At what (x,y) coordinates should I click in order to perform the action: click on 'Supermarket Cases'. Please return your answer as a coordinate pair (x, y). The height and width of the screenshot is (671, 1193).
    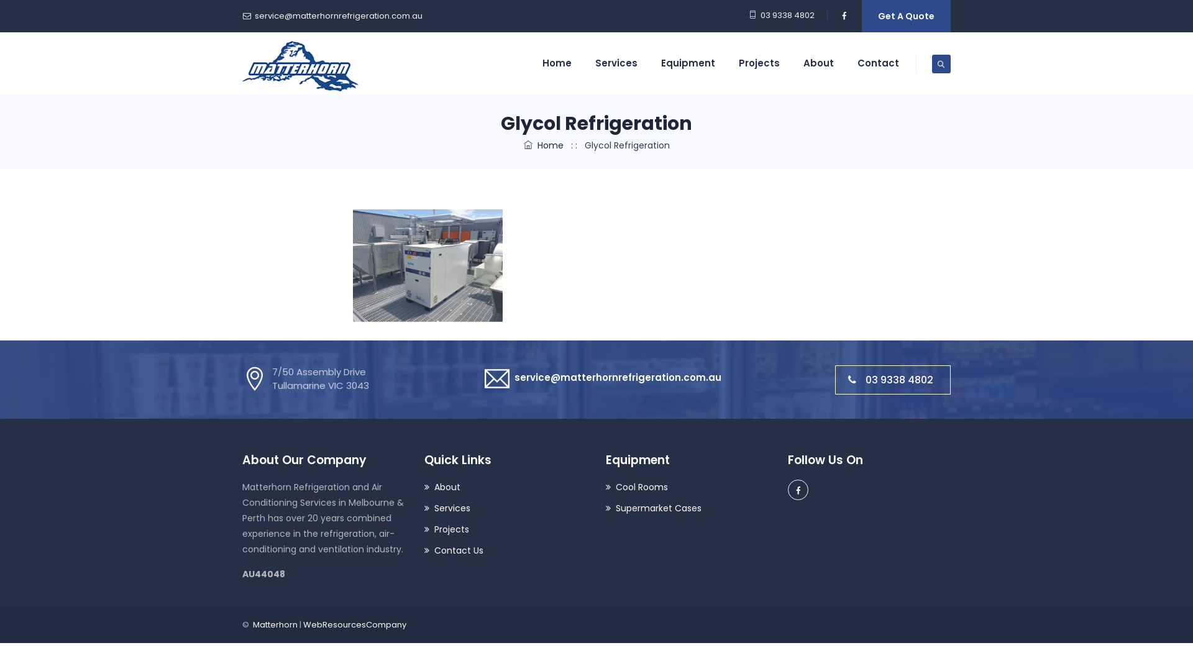
    Looking at the image, I should click on (605, 508).